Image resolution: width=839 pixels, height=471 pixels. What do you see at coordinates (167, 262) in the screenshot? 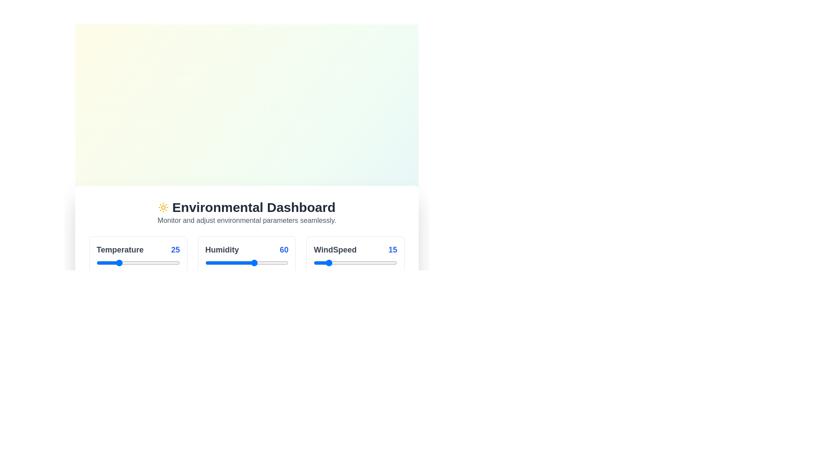
I see `the temperature` at bounding box center [167, 262].